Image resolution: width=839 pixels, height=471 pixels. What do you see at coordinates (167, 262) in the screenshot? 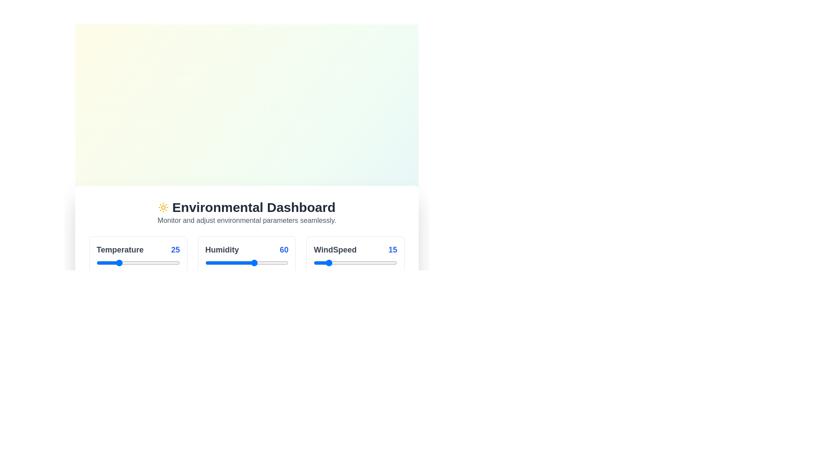
I see `the temperature` at bounding box center [167, 262].